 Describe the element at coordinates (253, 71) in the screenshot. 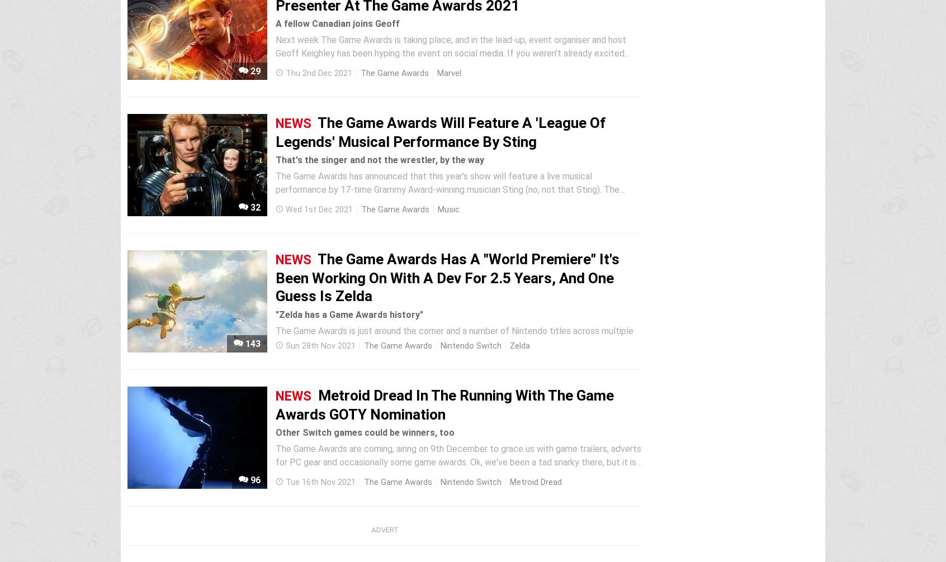

I see `'29'` at that location.